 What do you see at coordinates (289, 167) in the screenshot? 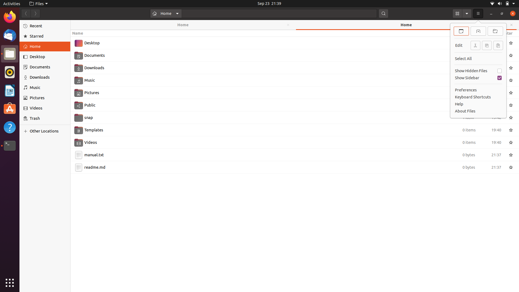
I see `Copy the file readme.md using keyboard` at bounding box center [289, 167].